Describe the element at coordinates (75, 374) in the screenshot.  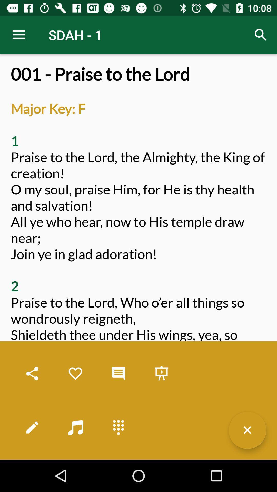
I see `page to your favorites` at that location.